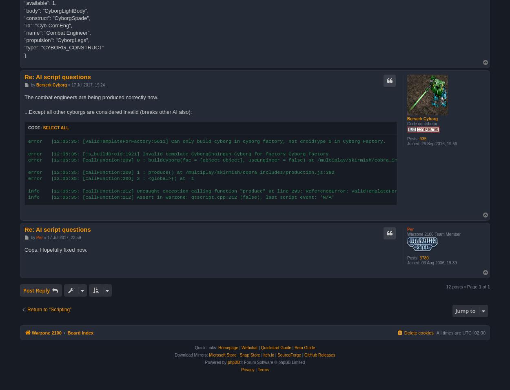 Image resolution: width=510 pixels, height=390 pixels. Describe the element at coordinates (55, 250) in the screenshot. I see `'Oops. Hopefully fixed now.'` at that location.